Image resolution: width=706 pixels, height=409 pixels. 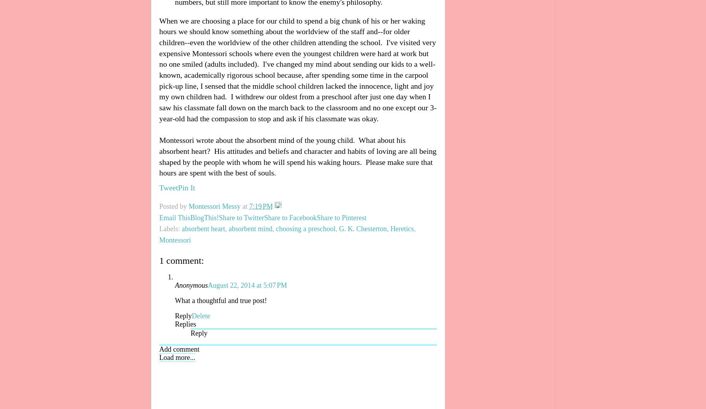 I want to click on '1 comment:', so click(x=159, y=260).